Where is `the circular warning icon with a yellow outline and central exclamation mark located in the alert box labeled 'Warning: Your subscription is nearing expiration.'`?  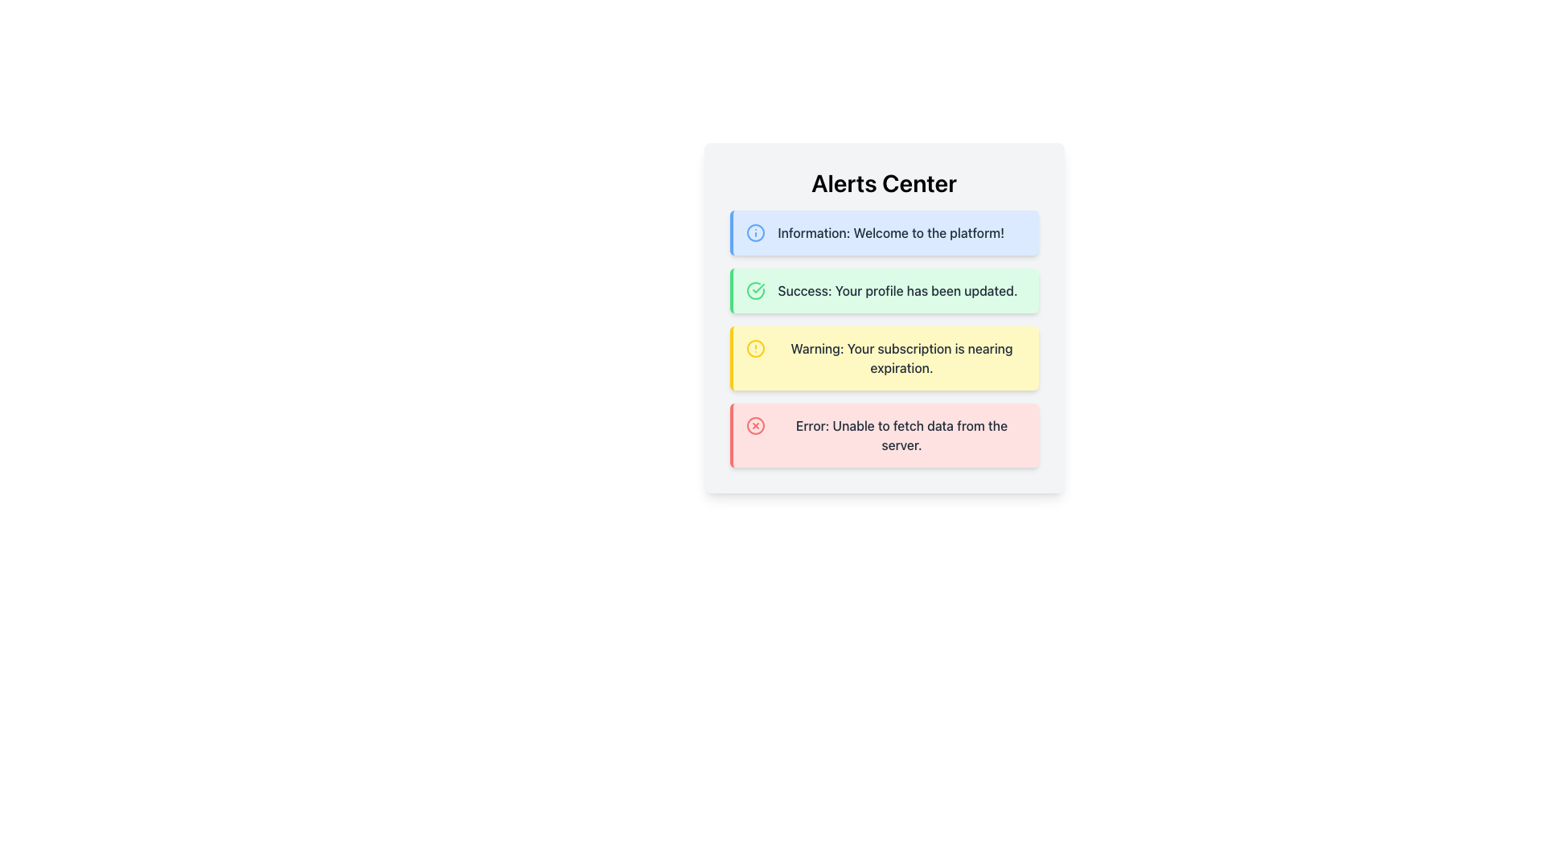 the circular warning icon with a yellow outline and central exclamation mark located in the alert box labeled 'Warning: Your subscription is nearing expiration.' is located at coordinates (761, 348).